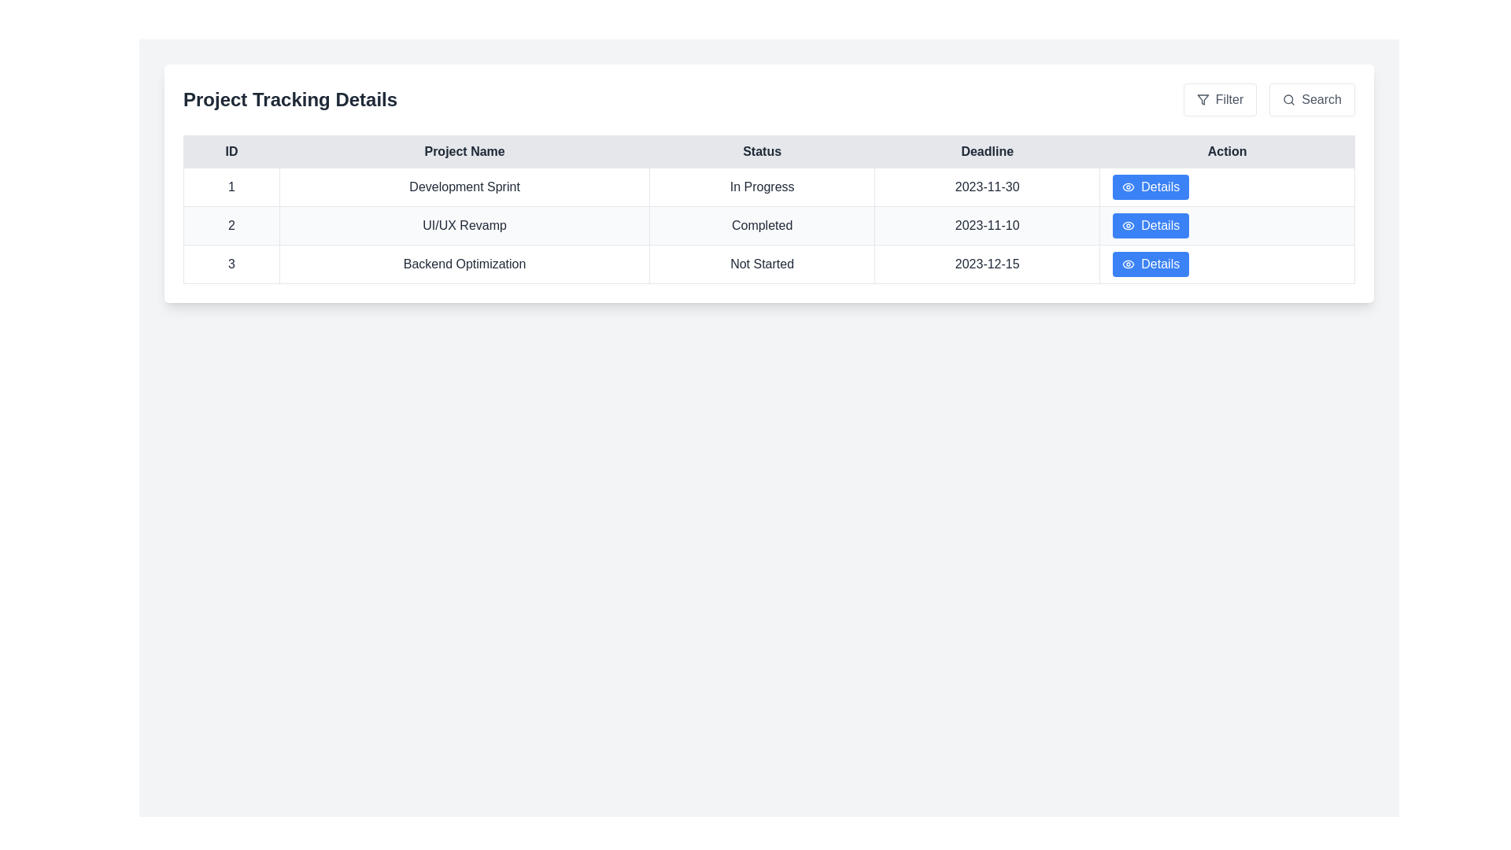 The height and width of the screenshot is (850, 1511). I want to click on the third 'Details' button in the 'Action' column of the table, so click(1160, 225).